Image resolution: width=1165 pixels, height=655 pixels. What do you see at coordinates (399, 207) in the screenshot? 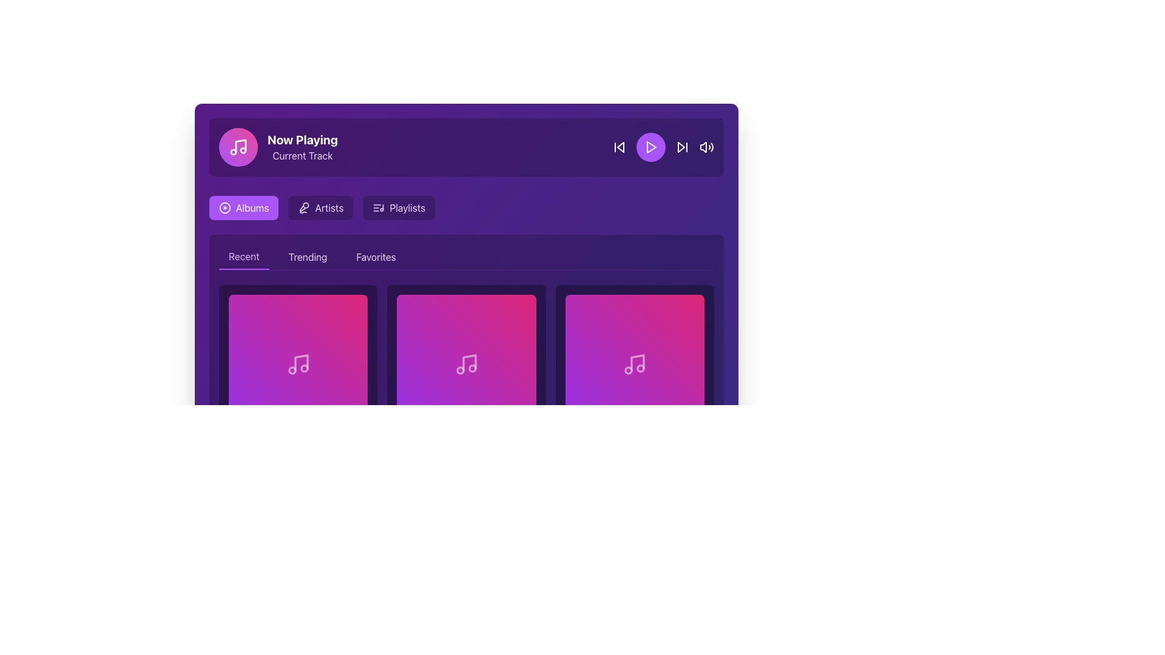
I see `the 'Playlists' button, which is a rectangular button with rounded corners and light purple text, located in the header section` at bounding box center [399, 207].